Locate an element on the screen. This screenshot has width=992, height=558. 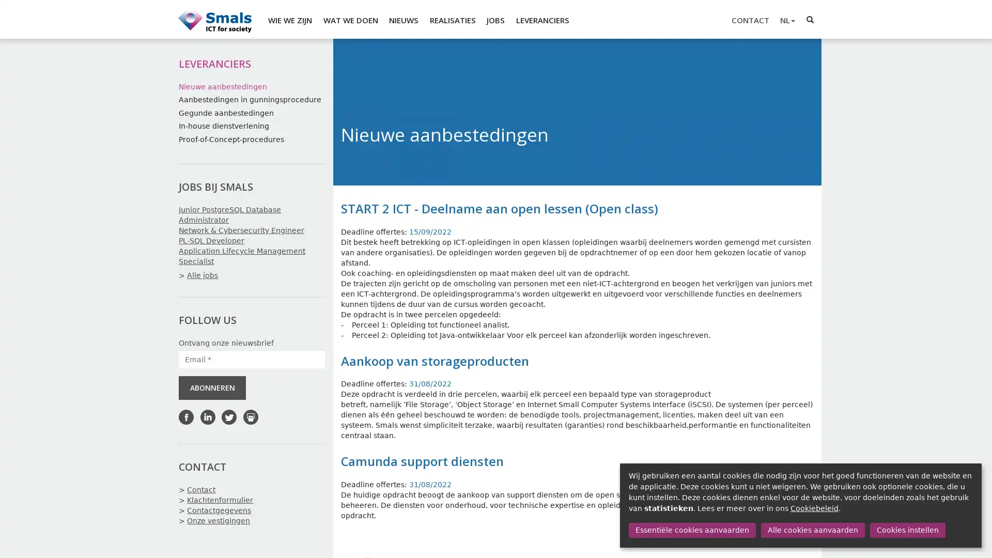
Essentiele cookies aanvaarden is located at coordinates (692, 530).